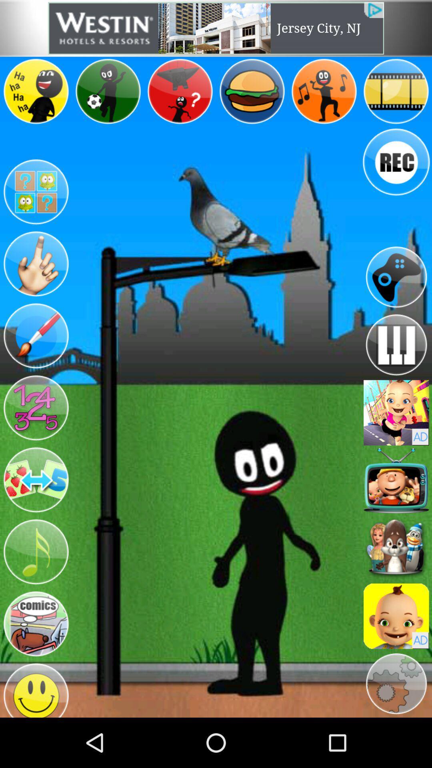  What do you see at coordinates (35, 590) in the screenshot?
I see `the music icon` at bounding box center [35, 590].